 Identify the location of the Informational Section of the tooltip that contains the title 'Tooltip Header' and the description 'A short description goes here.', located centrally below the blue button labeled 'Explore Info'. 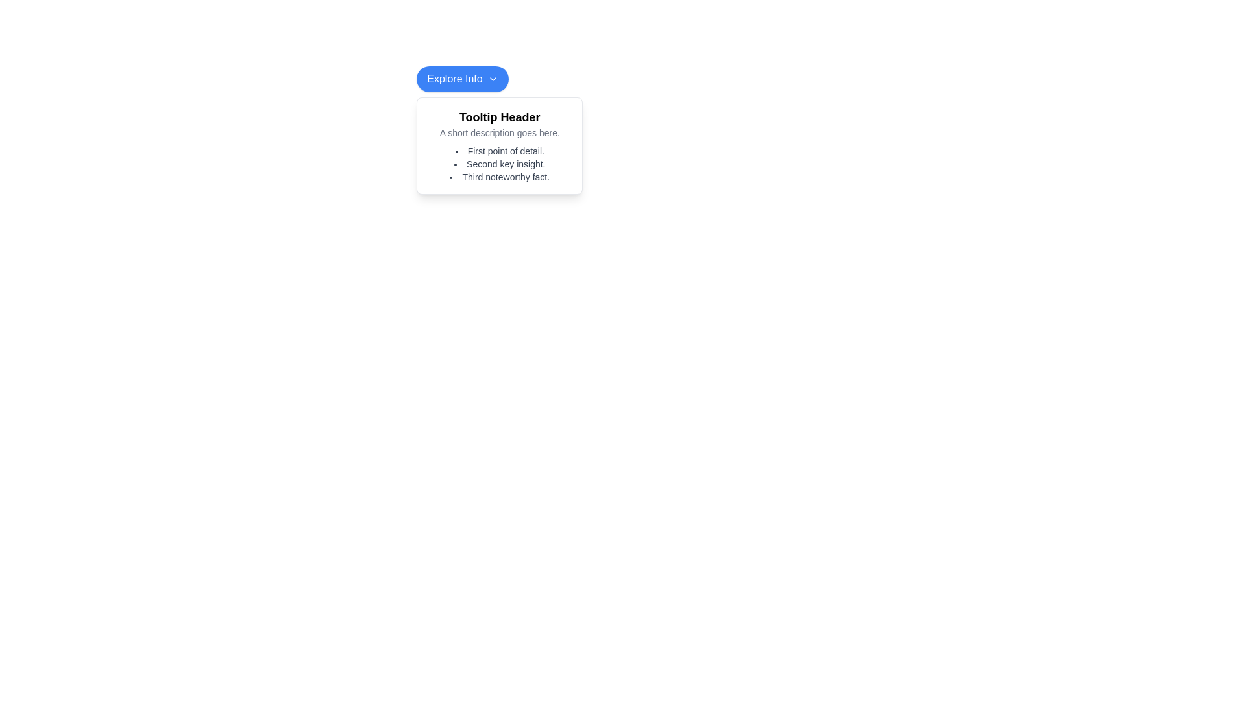
(499, 124).